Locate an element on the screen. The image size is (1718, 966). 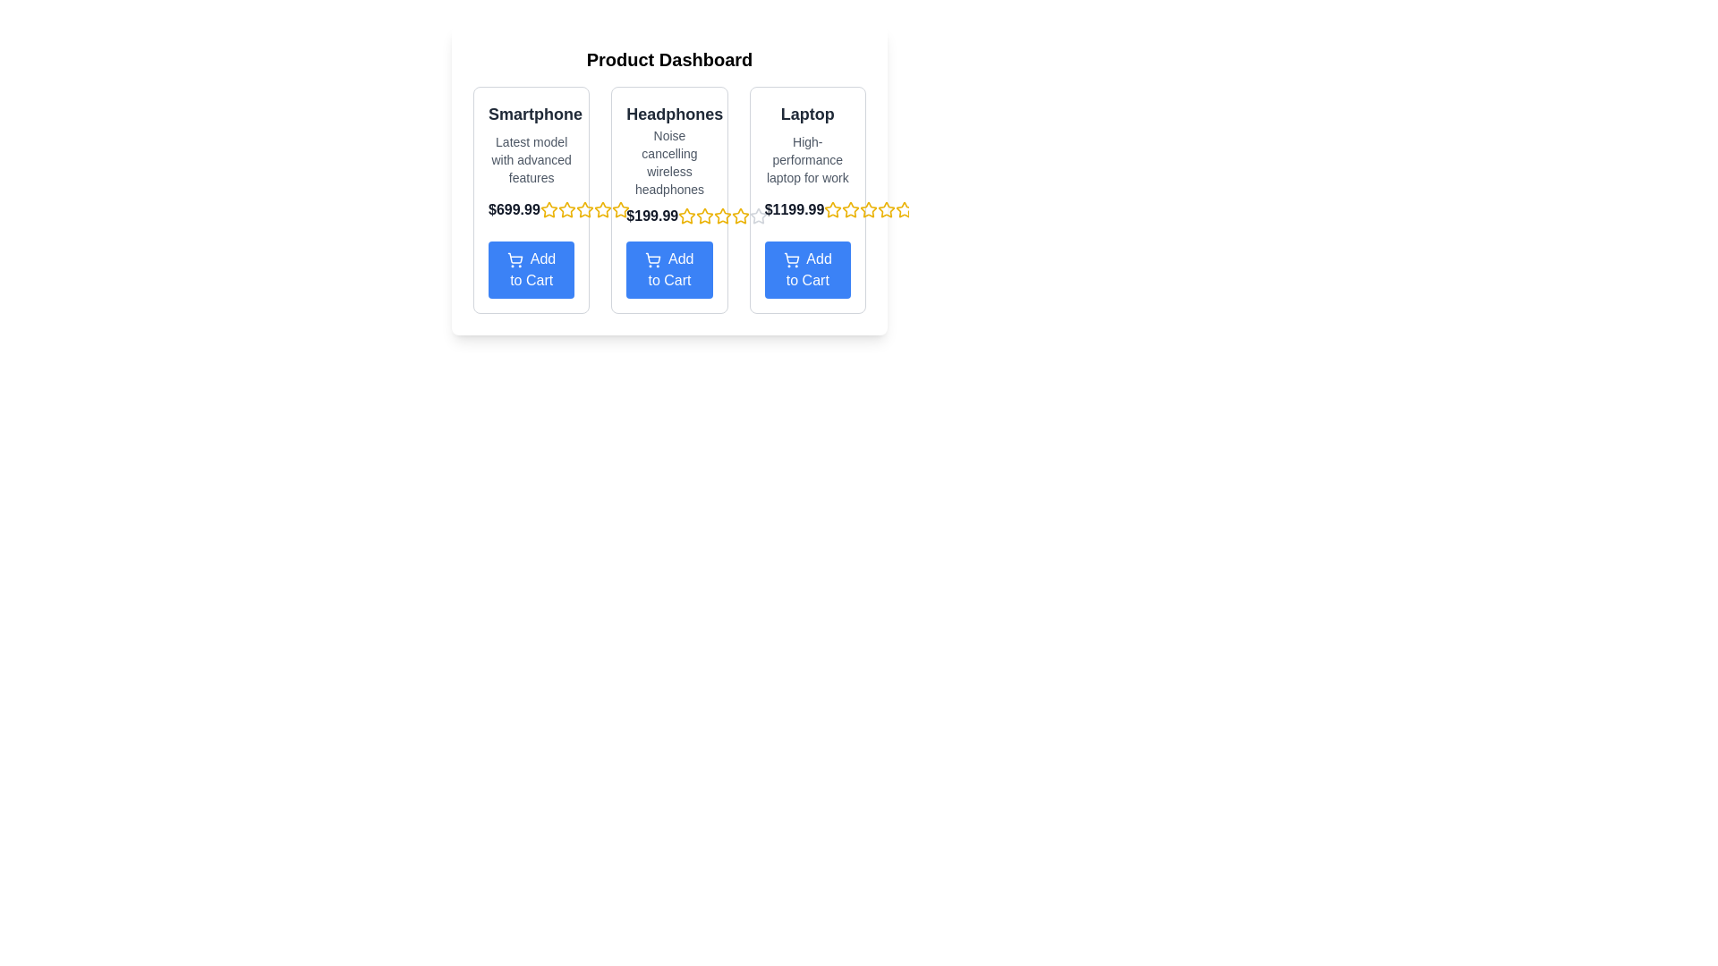
the graphical representation of the 'Add to Cart' icon located in the middle card under 'Headphones' in the product dashboard layout is located at coordinates (652, 259).